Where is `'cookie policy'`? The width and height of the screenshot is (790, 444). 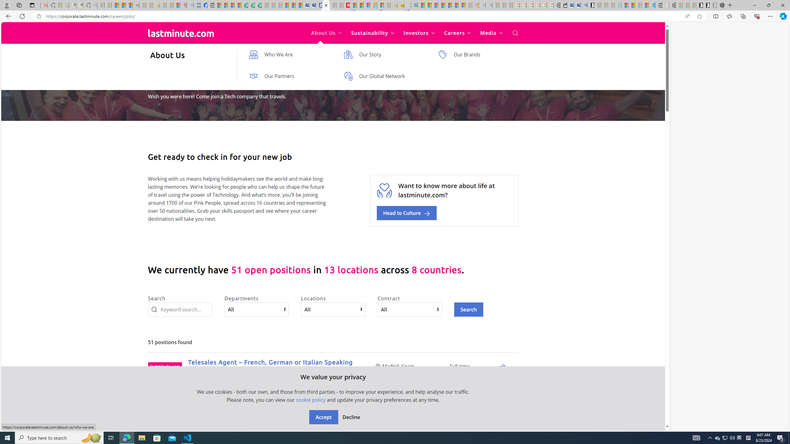
'cookie policy' is located at coordinates (310, 399).